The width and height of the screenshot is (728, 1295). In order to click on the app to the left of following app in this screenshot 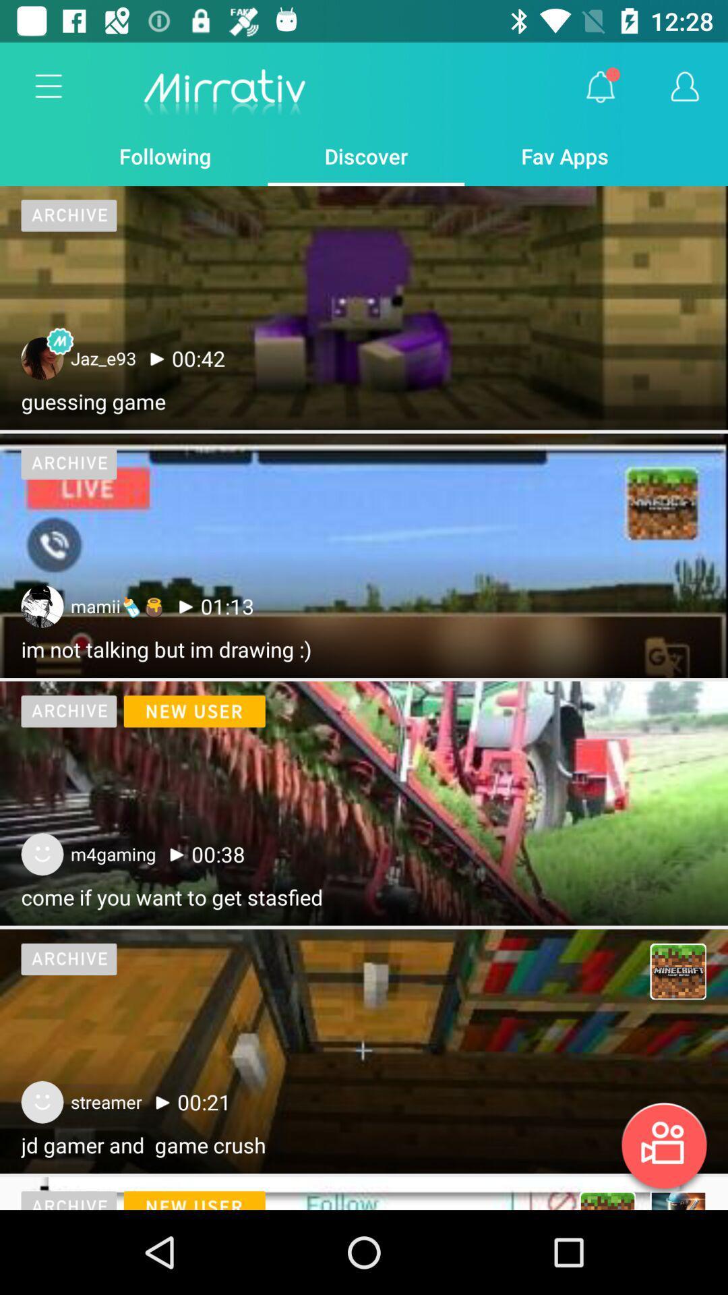, I will do `click(49, 86)`.